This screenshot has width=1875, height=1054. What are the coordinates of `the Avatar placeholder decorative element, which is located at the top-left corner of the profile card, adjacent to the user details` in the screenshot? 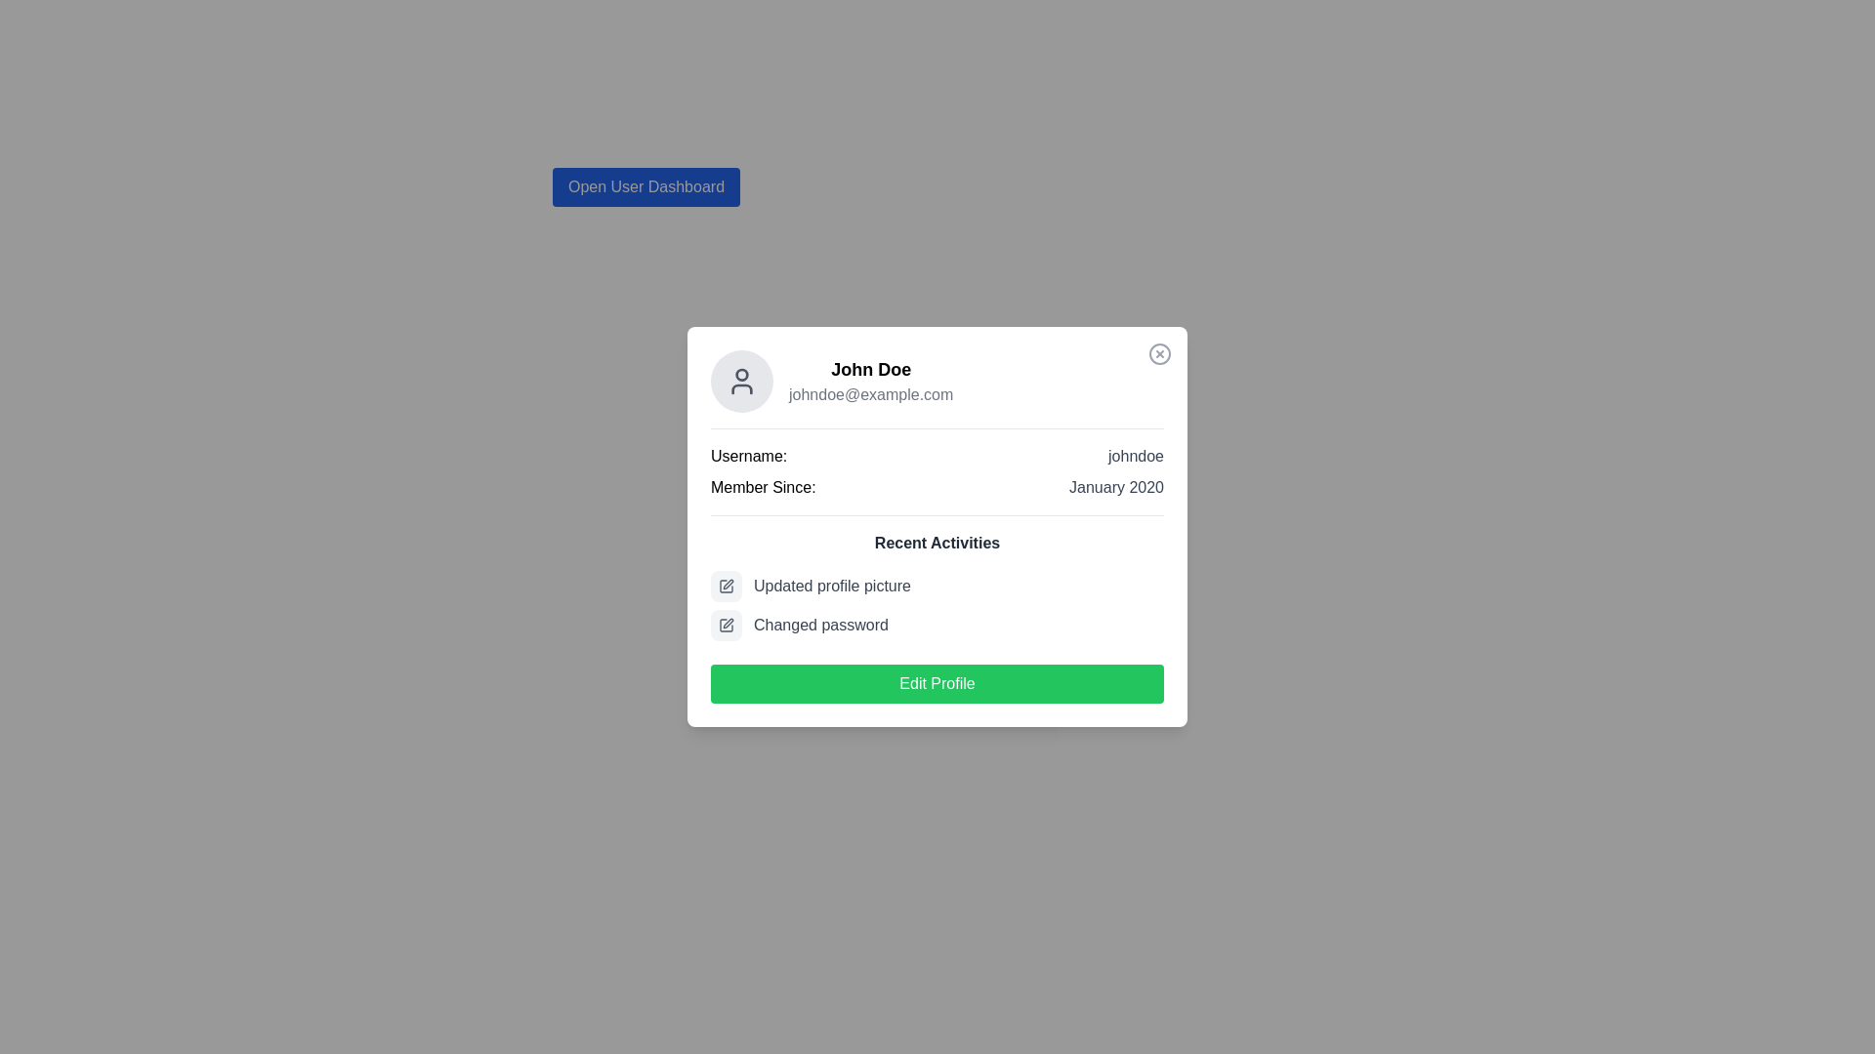 It's located at (740, 381).